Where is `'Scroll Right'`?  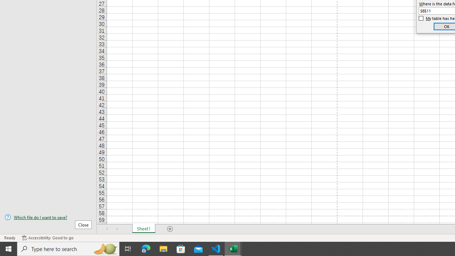 'Scroll Right' is located at coordinates (117, 229).